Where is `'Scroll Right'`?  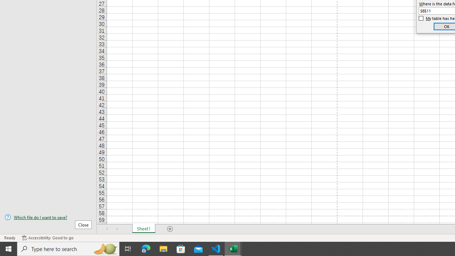 'Scroll Right' is located at coordinates (117, 229).